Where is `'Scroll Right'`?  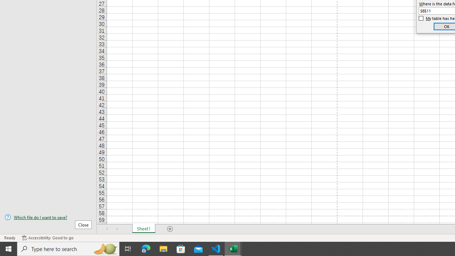 'Scroll Right' is located at coordinates (117, 229).